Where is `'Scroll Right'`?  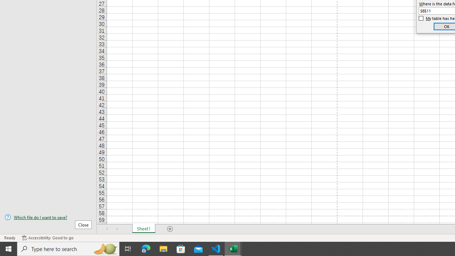 'Scroll Right' is located at coordinates (117, 229).